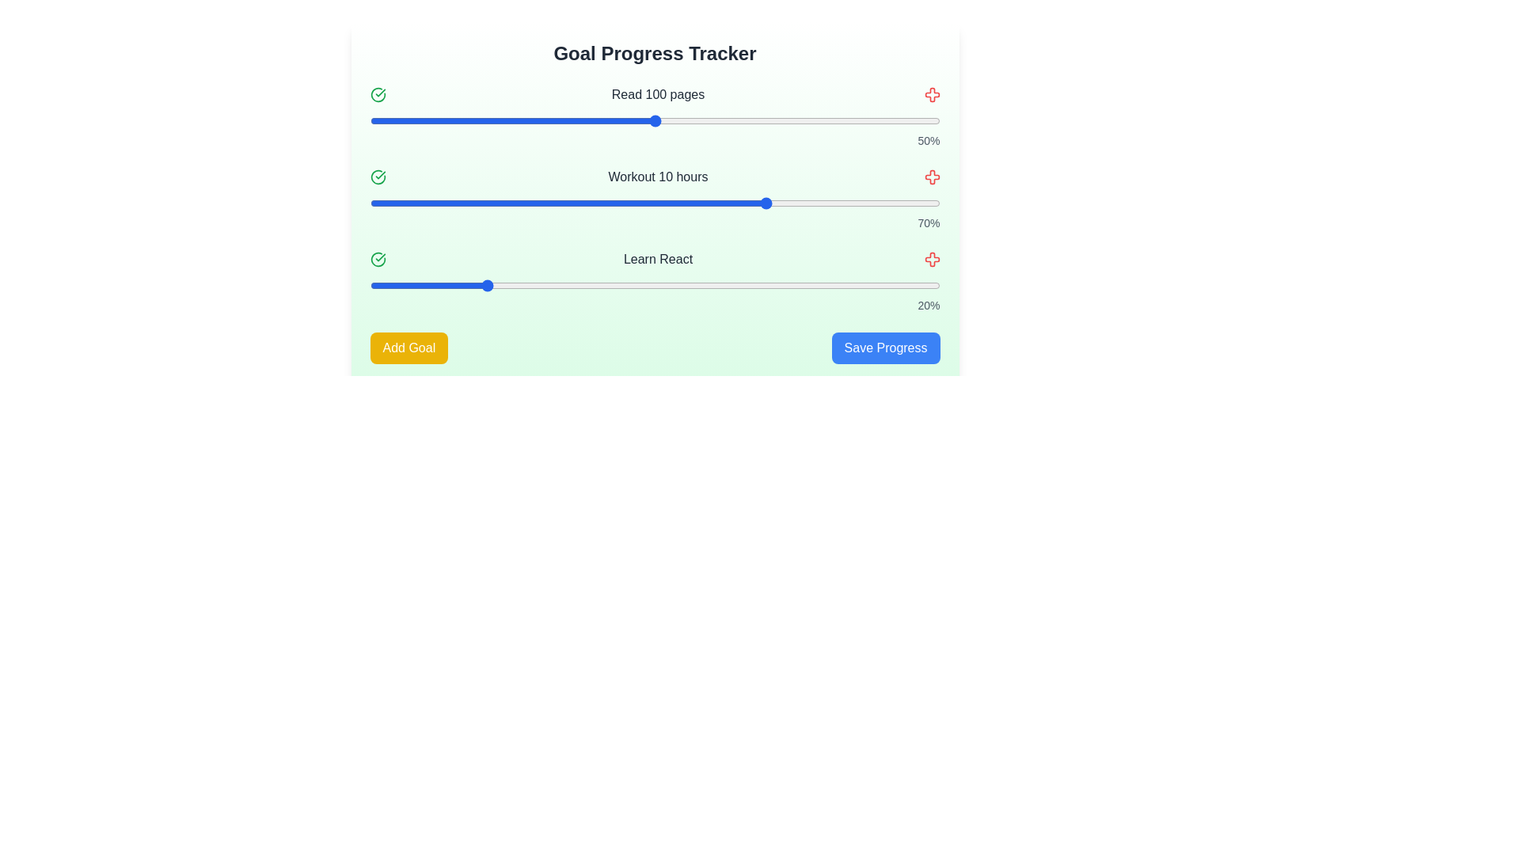 Image resolution: width=1520 pixels, height=855 pixels. I want to click on the red cross icon next to the goal titled 'Read 100 pages' to remove it, so click(932, 94).